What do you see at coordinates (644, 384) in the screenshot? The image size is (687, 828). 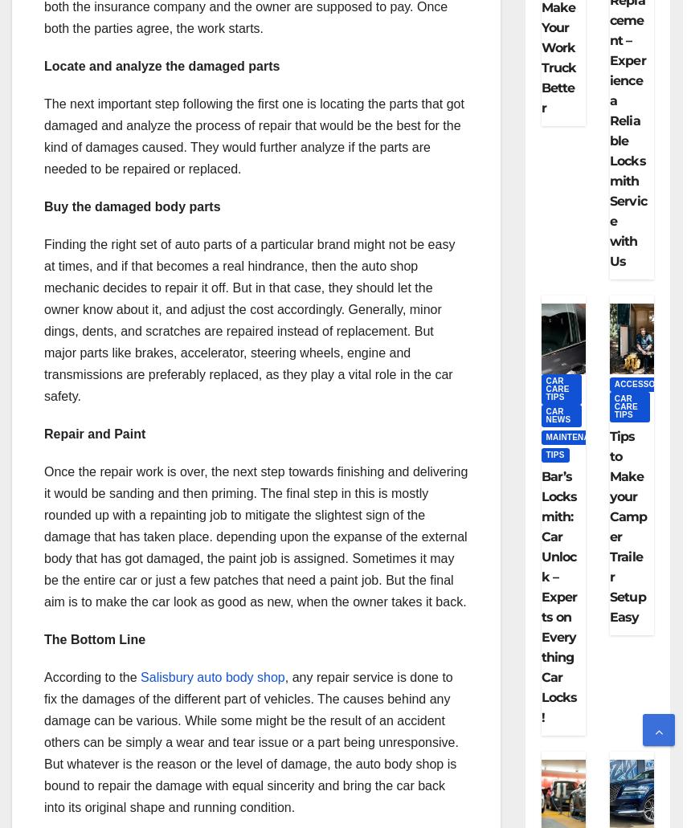 I see `'Accessories'` at bounding box center [644, 384].